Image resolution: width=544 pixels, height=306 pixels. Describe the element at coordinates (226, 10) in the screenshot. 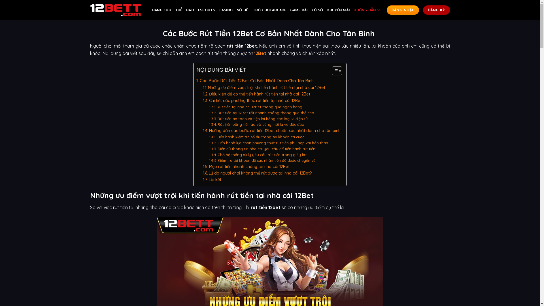

I see `'CASINO'` at that location.